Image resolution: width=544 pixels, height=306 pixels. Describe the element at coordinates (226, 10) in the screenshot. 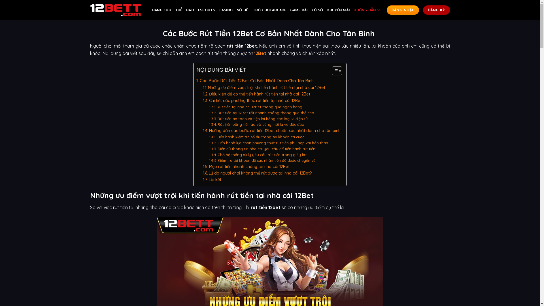

I see `'CASINO'` at that location.